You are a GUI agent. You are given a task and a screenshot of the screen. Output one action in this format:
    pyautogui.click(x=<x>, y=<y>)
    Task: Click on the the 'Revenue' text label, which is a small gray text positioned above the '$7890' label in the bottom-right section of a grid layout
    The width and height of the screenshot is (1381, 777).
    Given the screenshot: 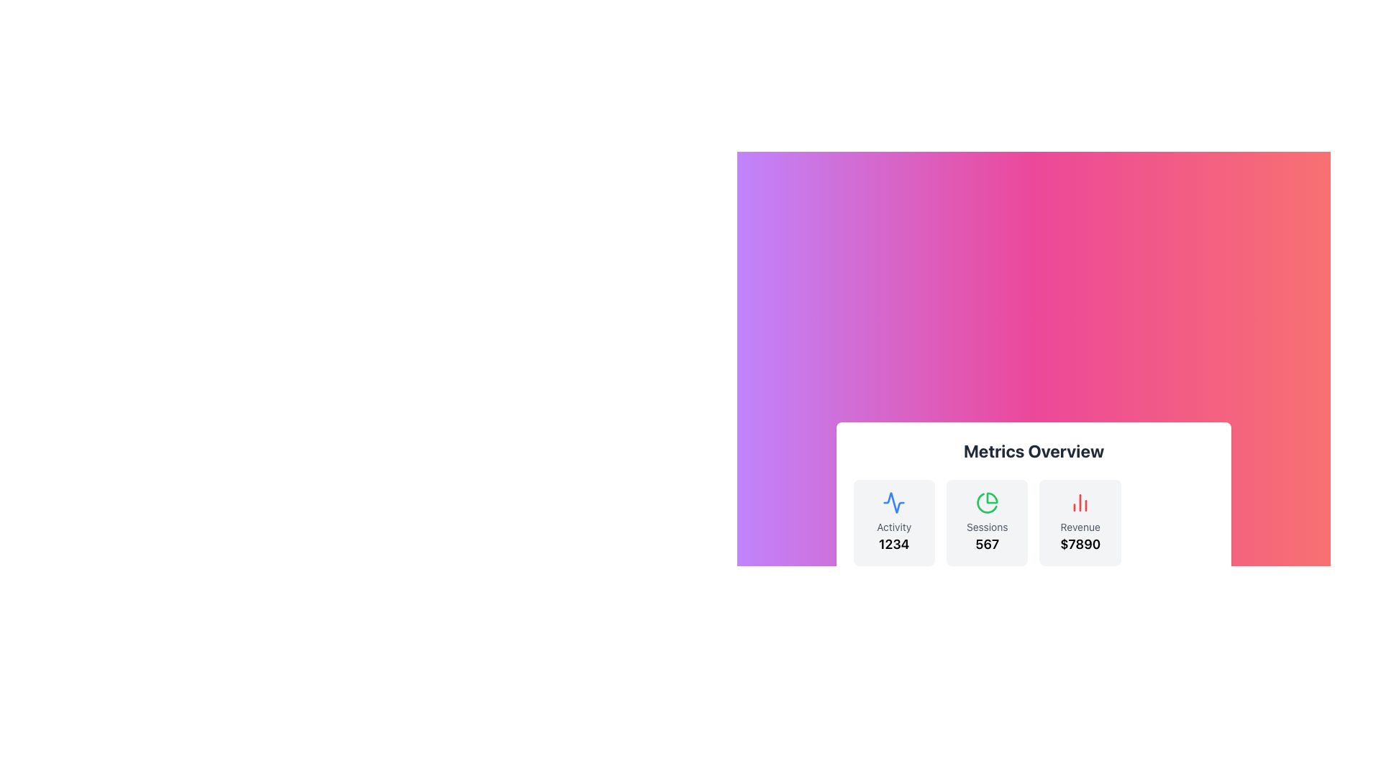 What is the action you would take?
    pyautogui.click(x=1080, y=527)
    